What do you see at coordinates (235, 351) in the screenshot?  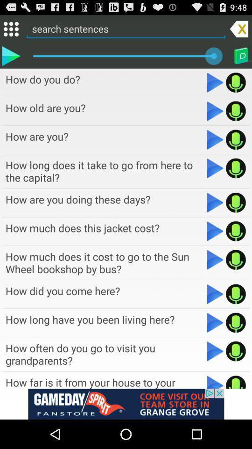 I see `record audio` at bounding box center [235, 351].